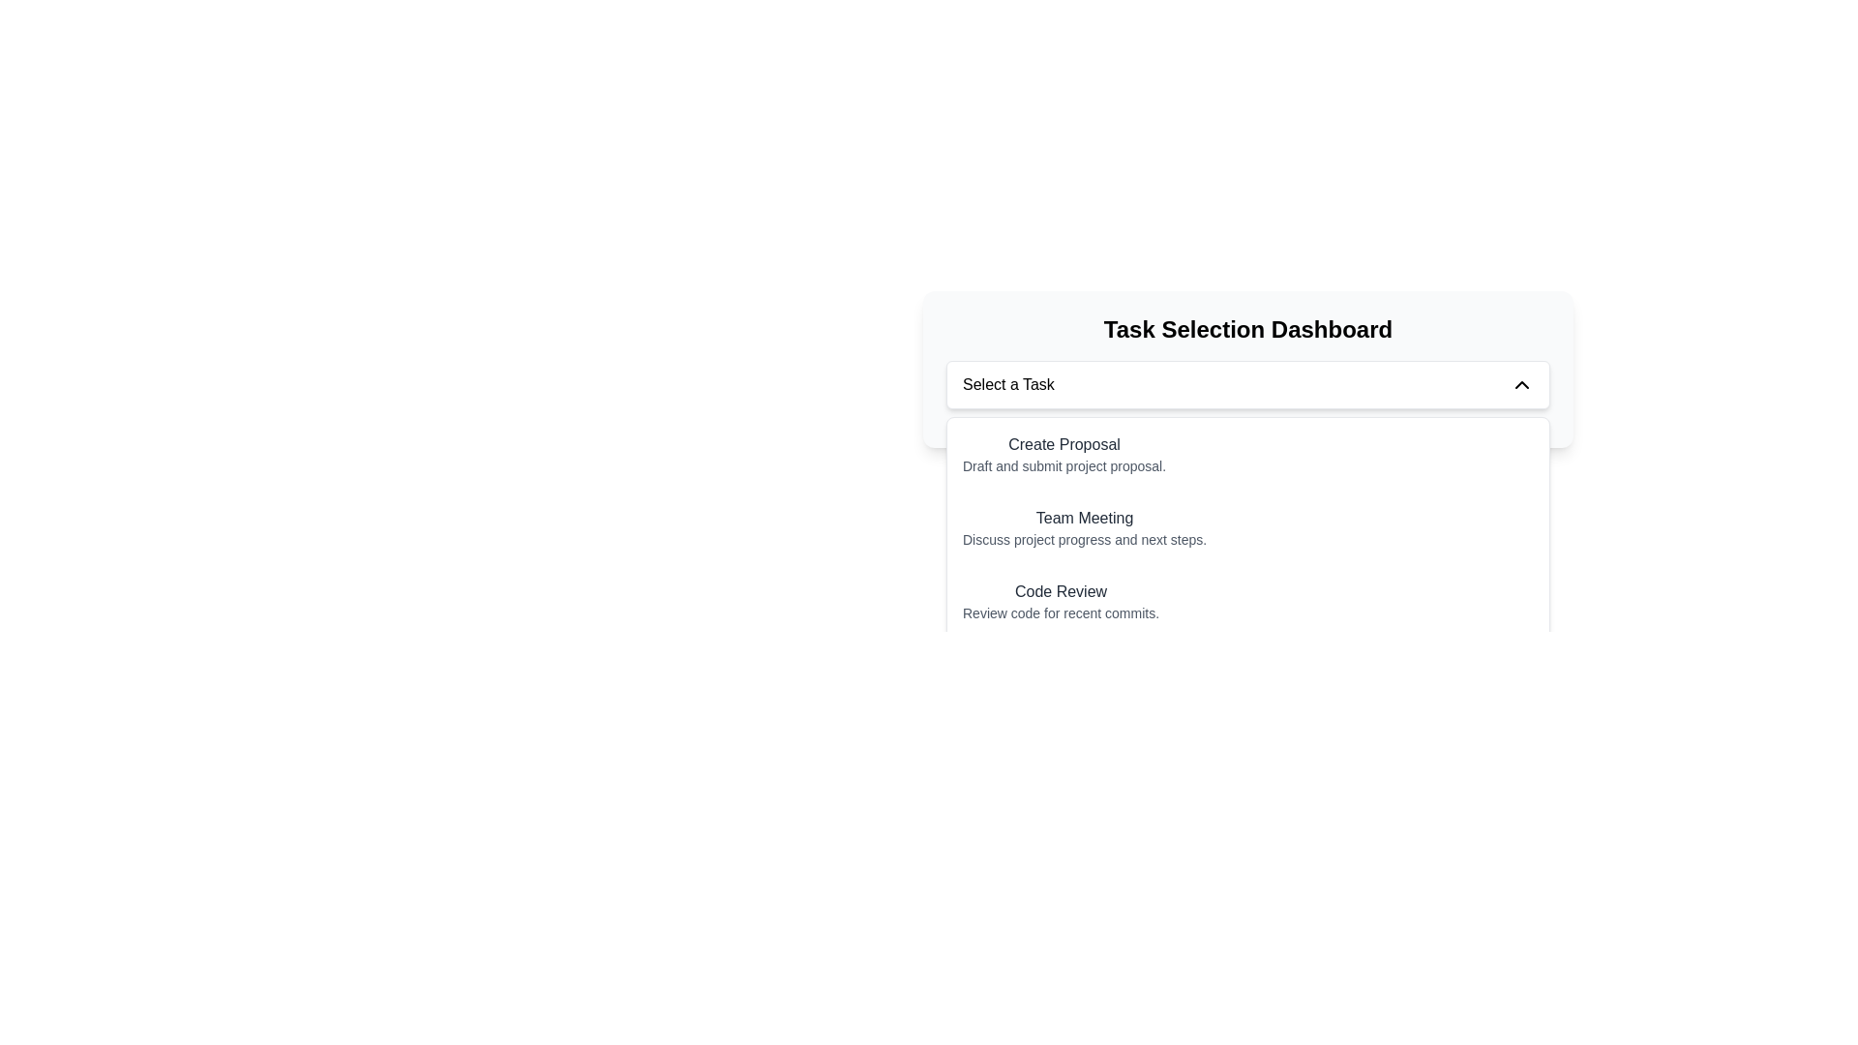 The image size is (1858, 1045). What do you see at coordinates (1063, 455) in the screenshot?
I see `the List item labeled 'Create Proposal' which features a bold title and a descriptive subtitle, located in the 'Task Selection Dashboard' dropdown menu` at bounding box center [1063, 455].